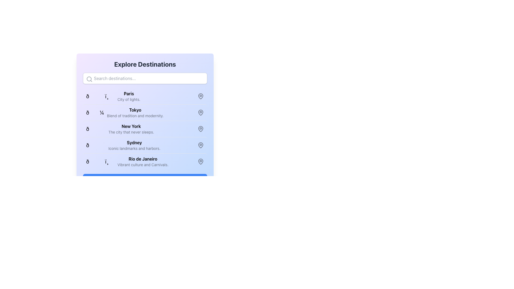 The image size is (514, 289). Describe the element at coordinates (145, 145) in the screenshot. I see `the list item for 'Sydney' which features a bold title and a circular map marker icon for more options` at that location.